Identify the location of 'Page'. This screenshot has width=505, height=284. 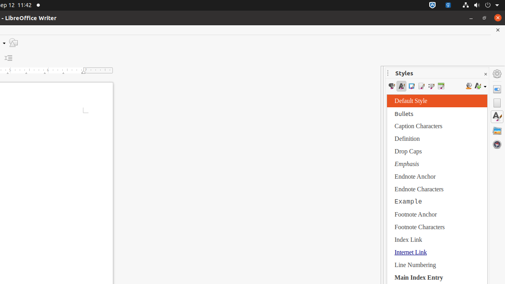
(497, 103).